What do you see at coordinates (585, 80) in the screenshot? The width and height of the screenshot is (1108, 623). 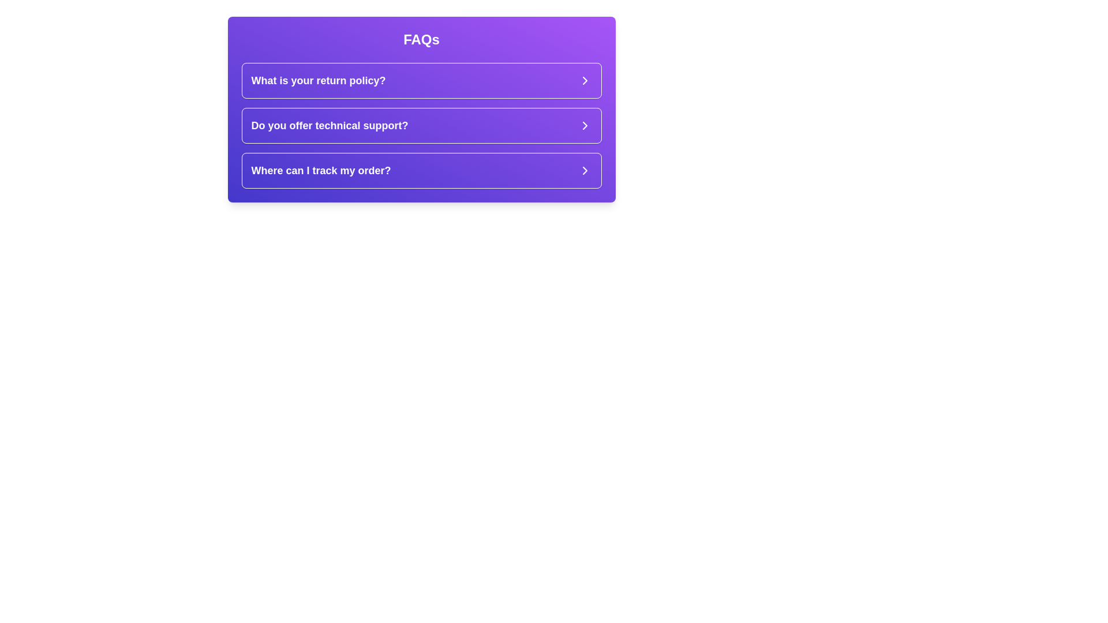 I see `the rightward-facing chevron icon adjacent to the text 'What is your return policy?' in the FAQ panel` at bounding box center [585, 80].